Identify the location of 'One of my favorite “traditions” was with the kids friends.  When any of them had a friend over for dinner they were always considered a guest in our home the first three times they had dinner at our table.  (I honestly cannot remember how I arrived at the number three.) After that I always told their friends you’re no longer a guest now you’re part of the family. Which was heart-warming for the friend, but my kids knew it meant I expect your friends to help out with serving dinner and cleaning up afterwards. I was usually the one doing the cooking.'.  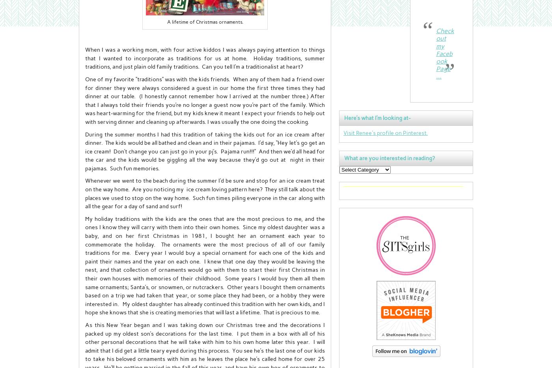
(85, 99).